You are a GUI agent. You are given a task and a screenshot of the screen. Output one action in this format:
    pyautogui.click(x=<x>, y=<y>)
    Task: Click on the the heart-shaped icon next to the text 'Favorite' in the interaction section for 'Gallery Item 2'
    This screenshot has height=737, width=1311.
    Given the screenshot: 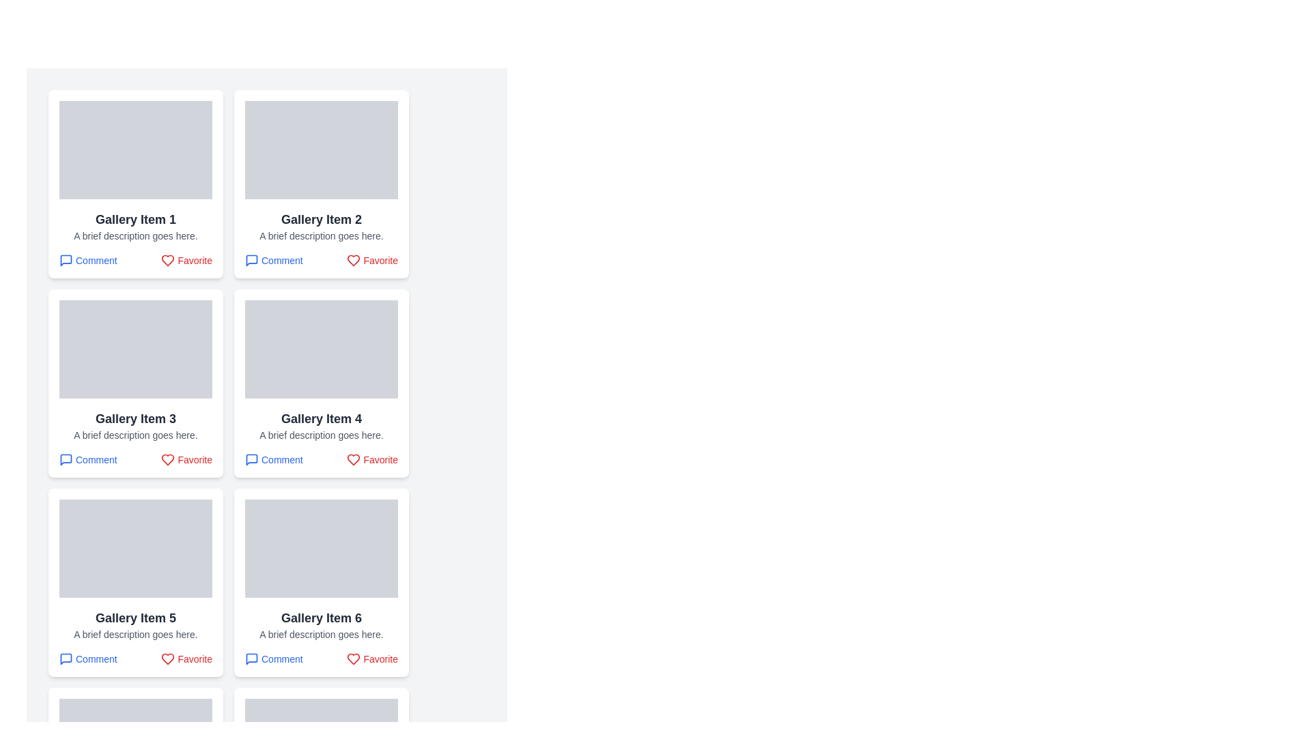 What is the action you would take?
    pyautogui.click(x=354, y=260)
    